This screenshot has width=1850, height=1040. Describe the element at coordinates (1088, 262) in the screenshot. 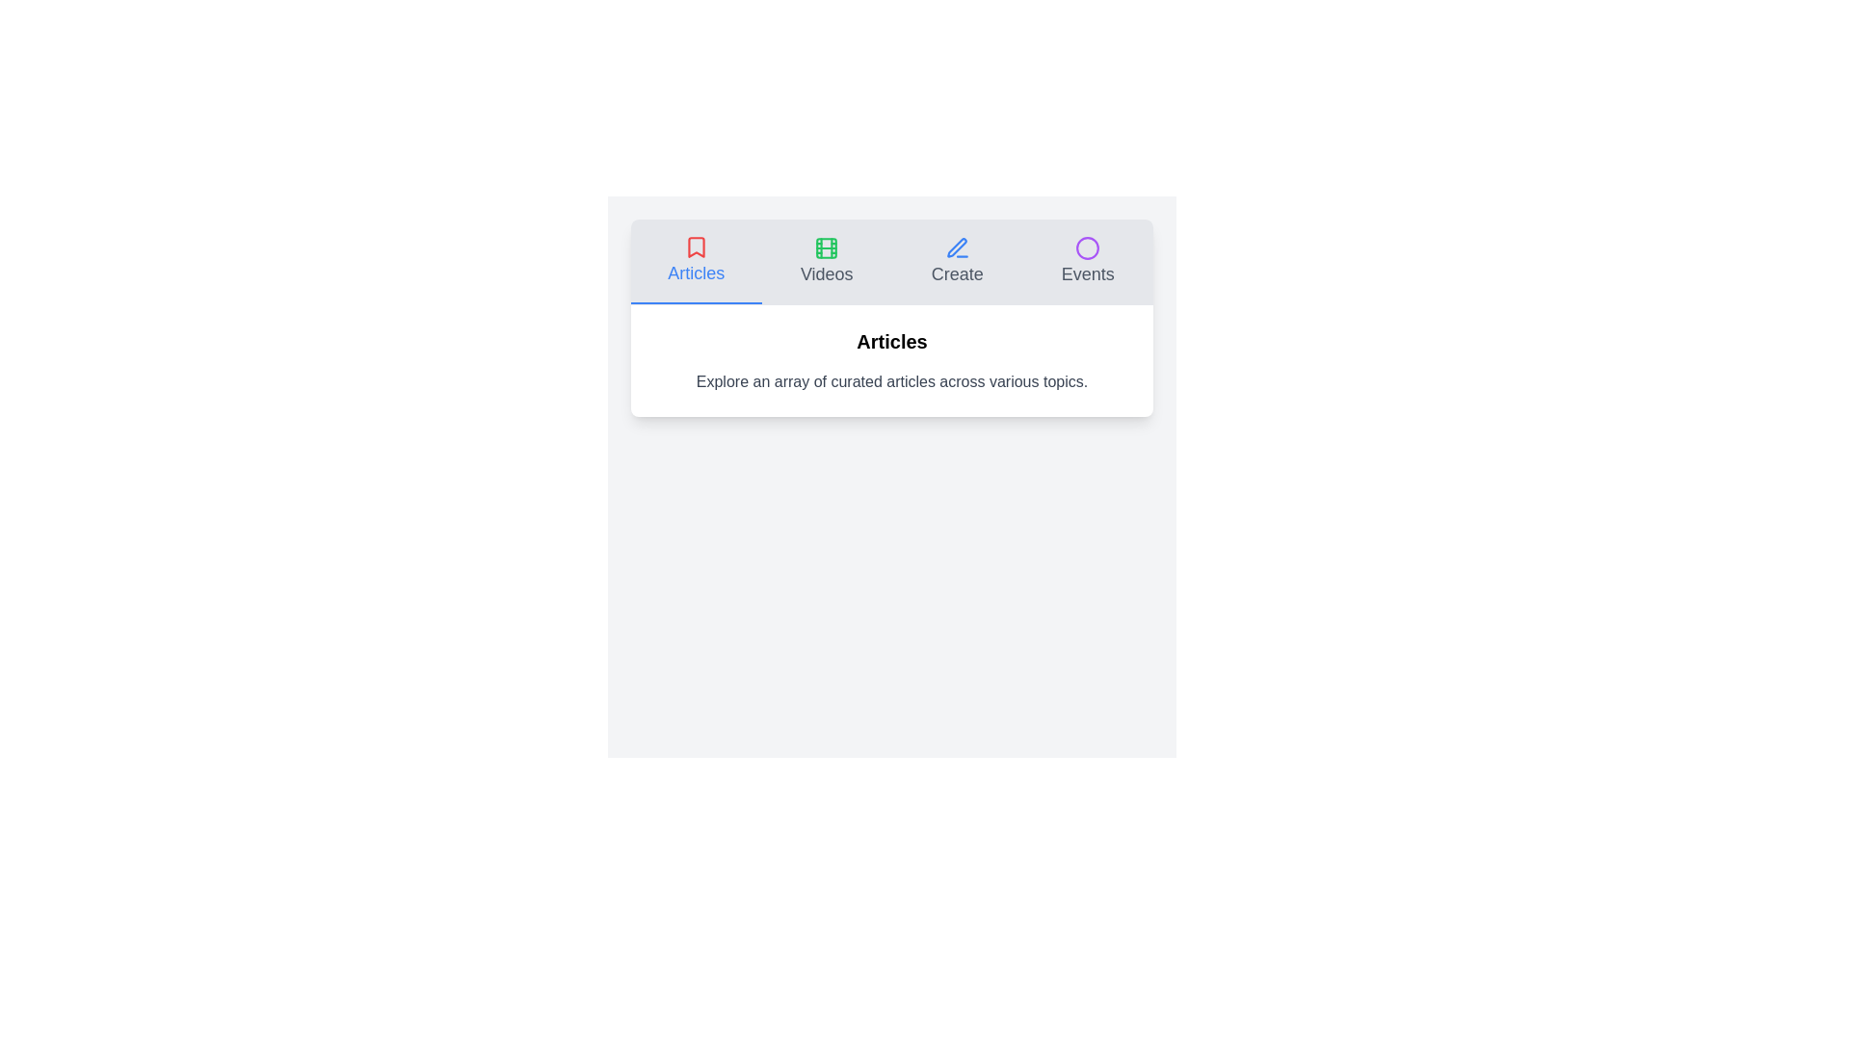

I see `the Events tab to view its content` at that location.